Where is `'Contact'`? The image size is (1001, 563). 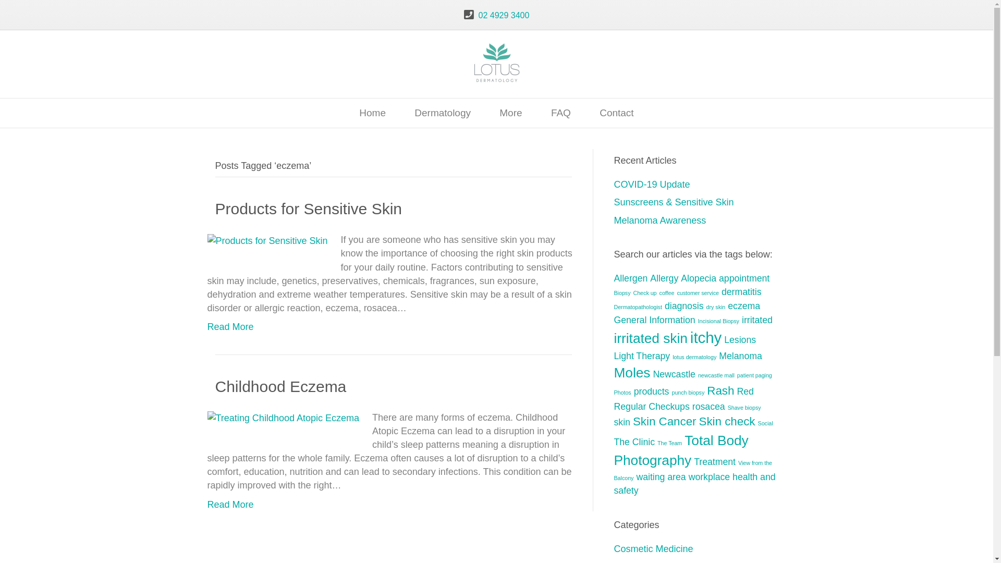 'Contact' is located at coordinates (616, 113).